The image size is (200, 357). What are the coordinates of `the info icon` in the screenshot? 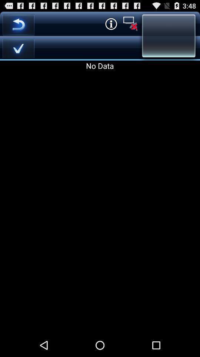 It's located at (110, 25).